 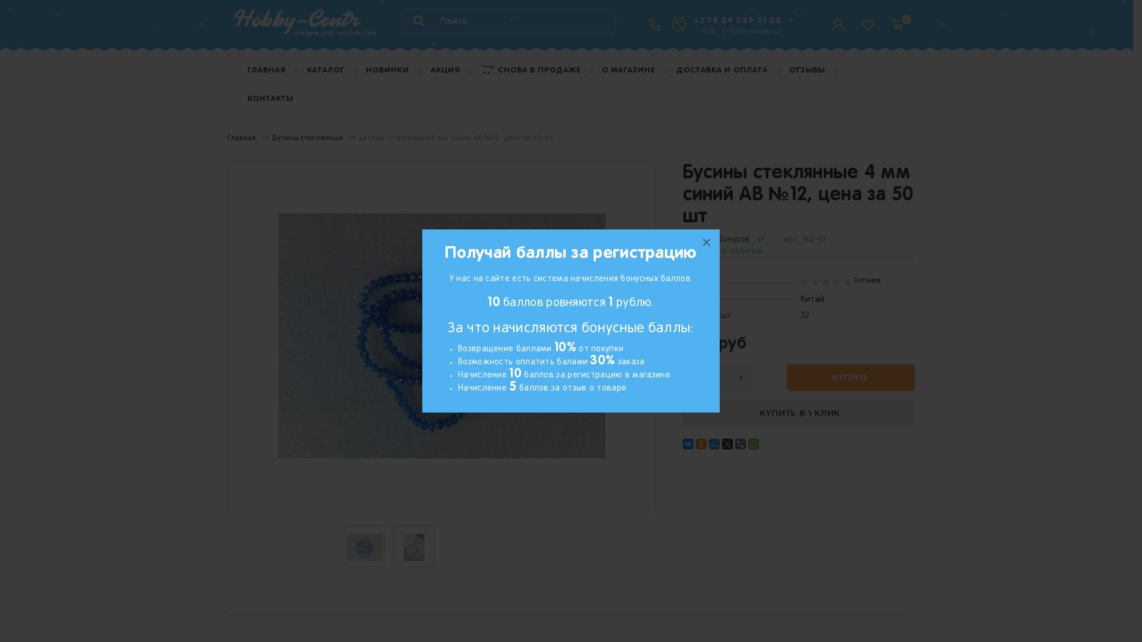 What do you see at coordinates (739, 444) in the screenshot?
I see `'Viber'` at bounding box center [739, 444].